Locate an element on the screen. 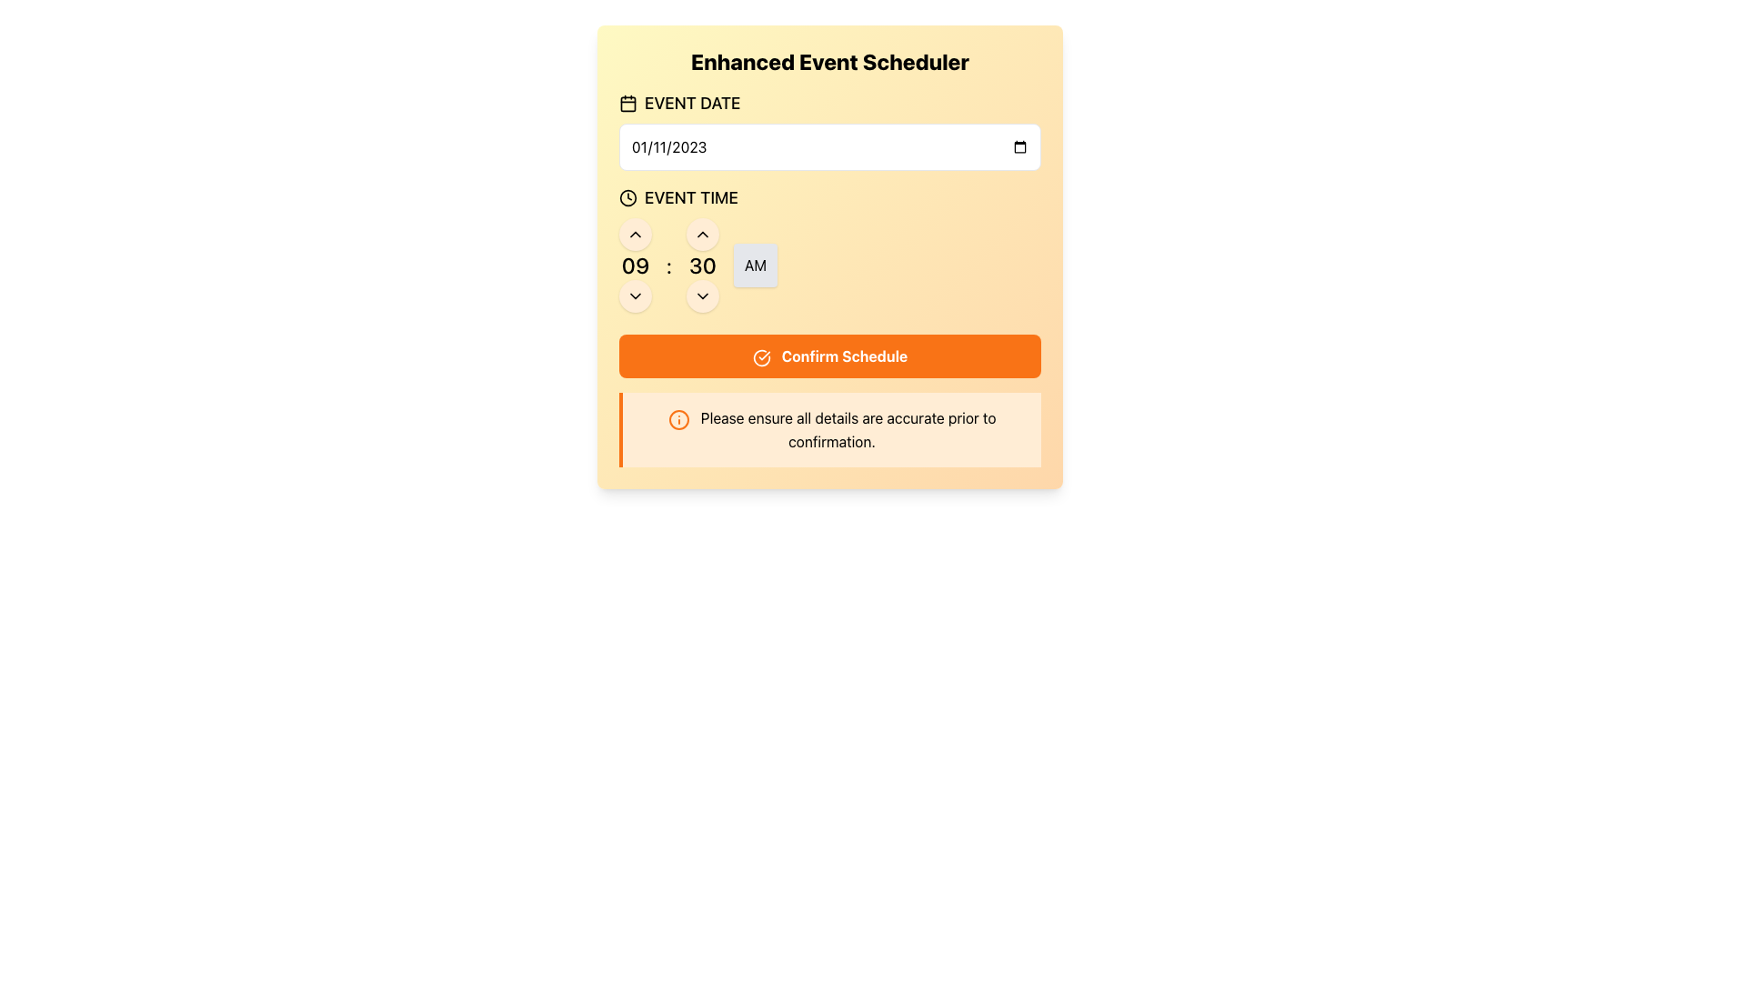 The image size is (1746, 982). the confirmation icon positioned inside the 'Confirm Schedule' button, located to the left of the button's text is located at coordinates (761, 357).